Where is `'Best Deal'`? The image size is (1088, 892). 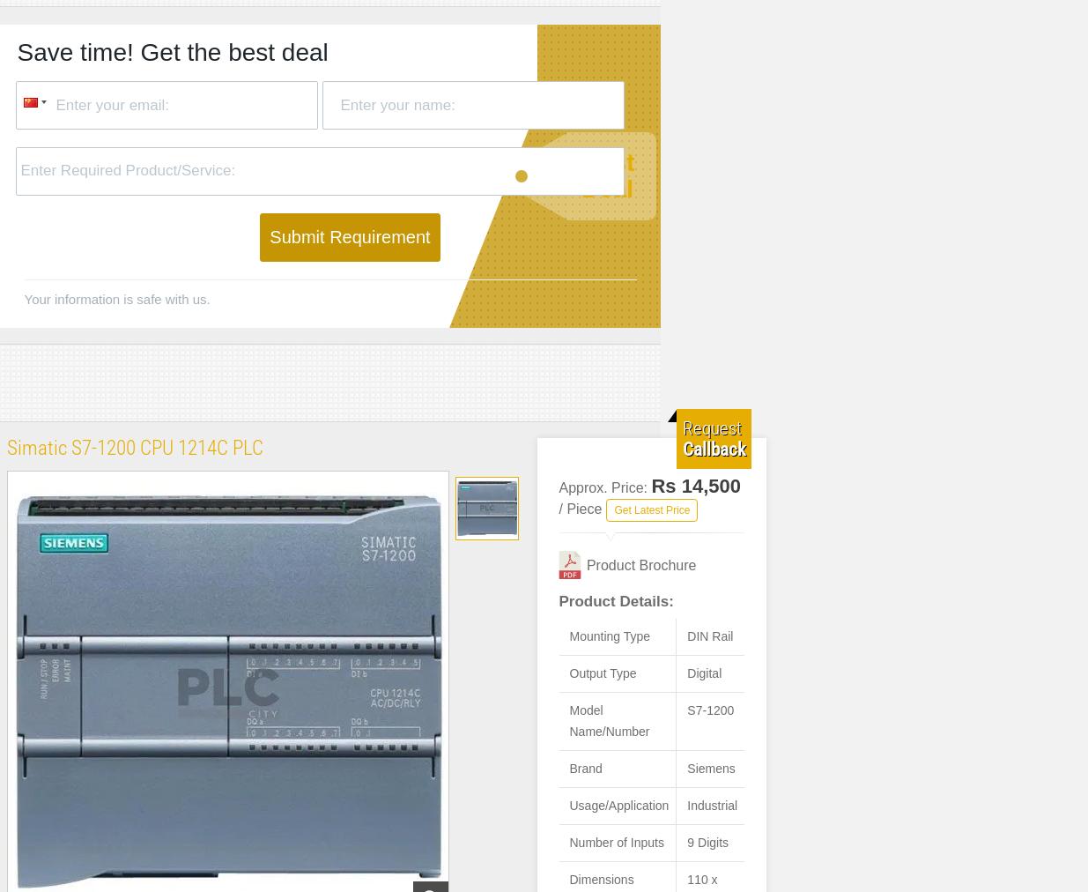 'Best Deal' is located at coordinates (607, 175).